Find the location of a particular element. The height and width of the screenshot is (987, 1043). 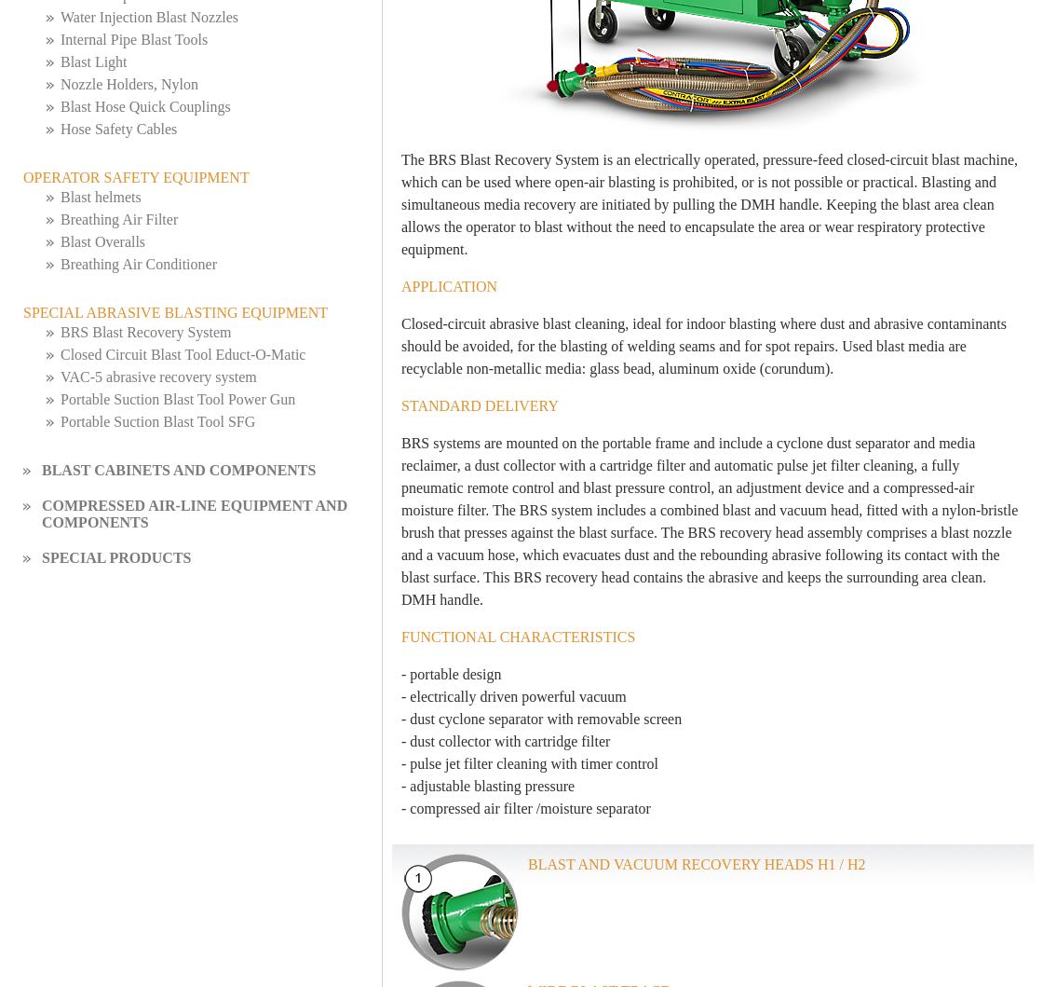

'SPECIAL PRODUCTS' is located at coordinates (115, 556).